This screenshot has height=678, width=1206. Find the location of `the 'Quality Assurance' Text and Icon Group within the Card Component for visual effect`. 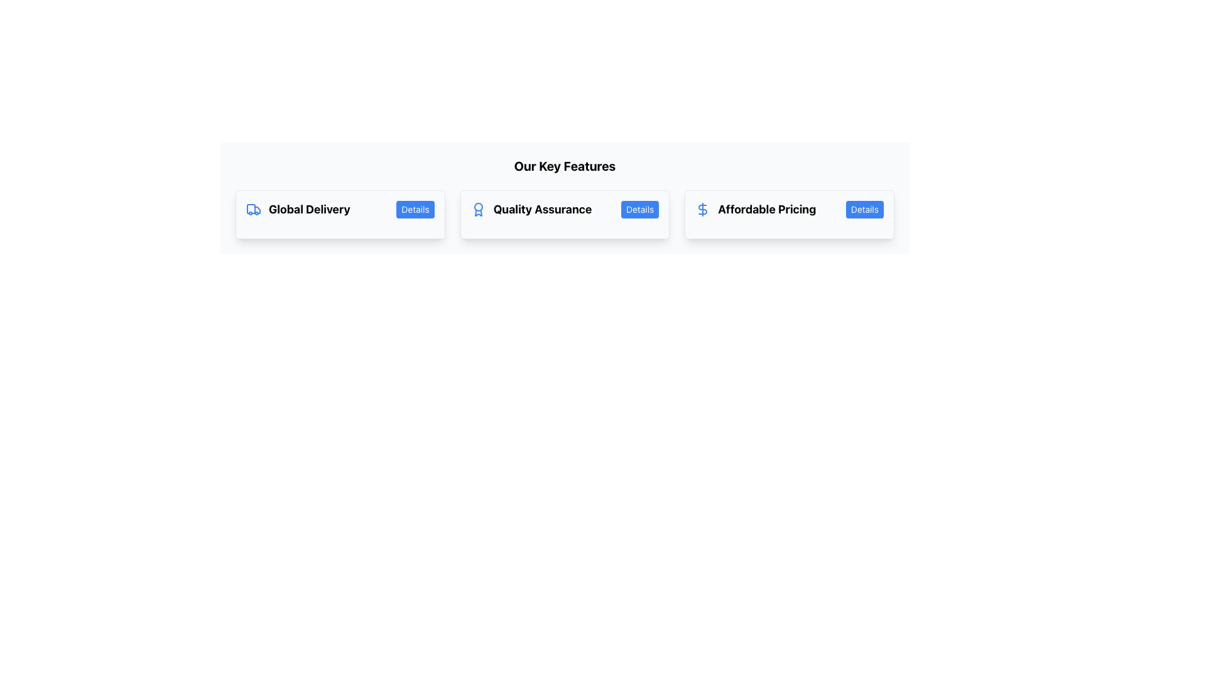

the 'Quality Assurance' Text and Icon Group within the Card Component for visual effect is located at coordinates (564, 209).